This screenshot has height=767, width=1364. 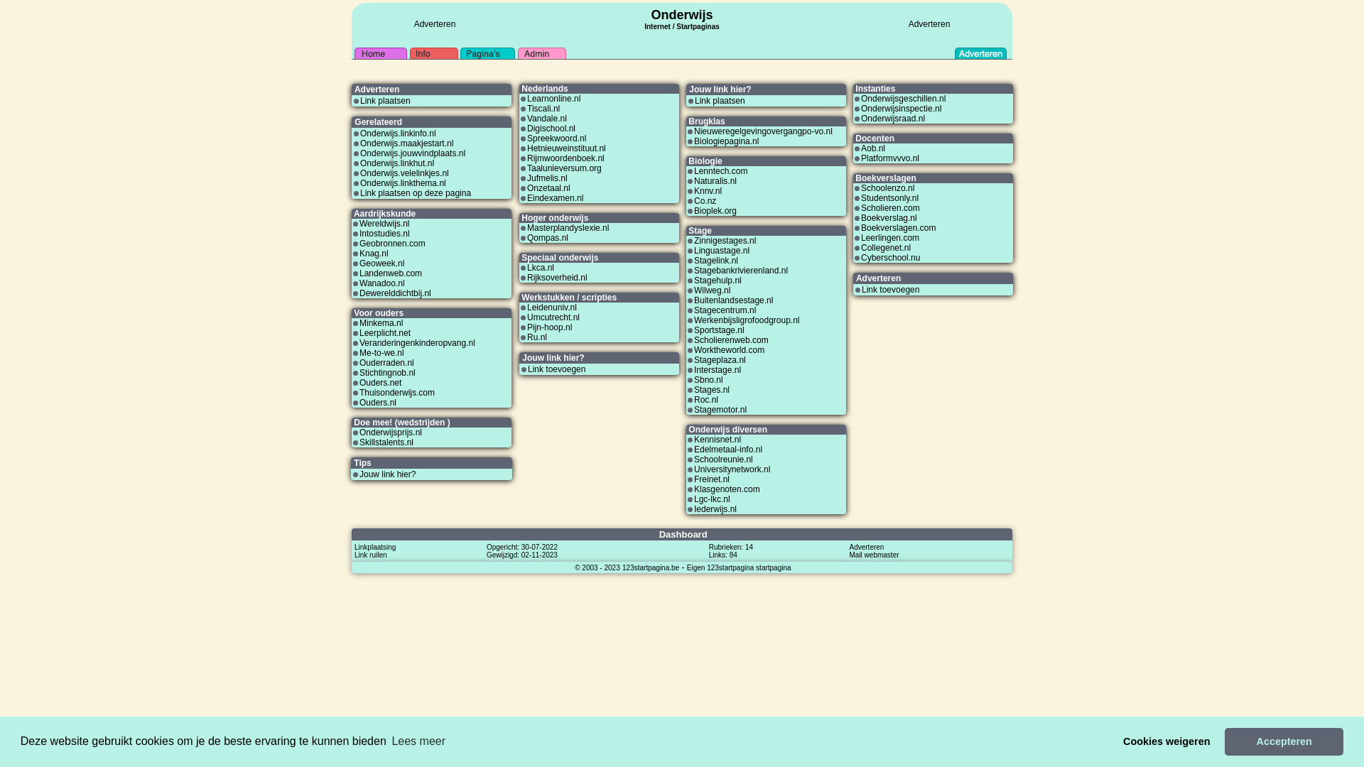 I want to click on 'Edelmetaal-info.nl', so click(x=728, y=449).